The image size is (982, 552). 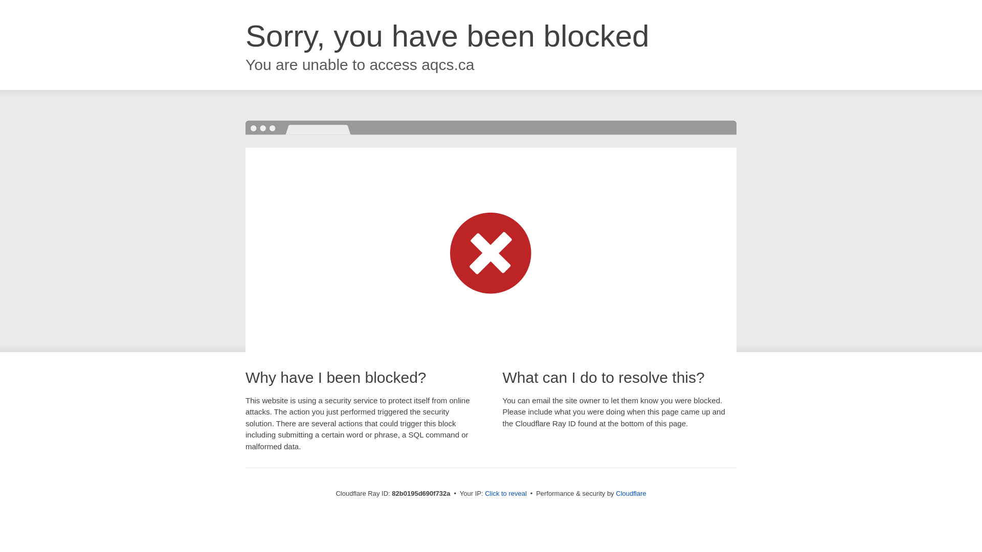 What do you see at coordinates (630, 493) in the screenshot?
I see `'Cloudflare'` at bounding box center [630, 493].